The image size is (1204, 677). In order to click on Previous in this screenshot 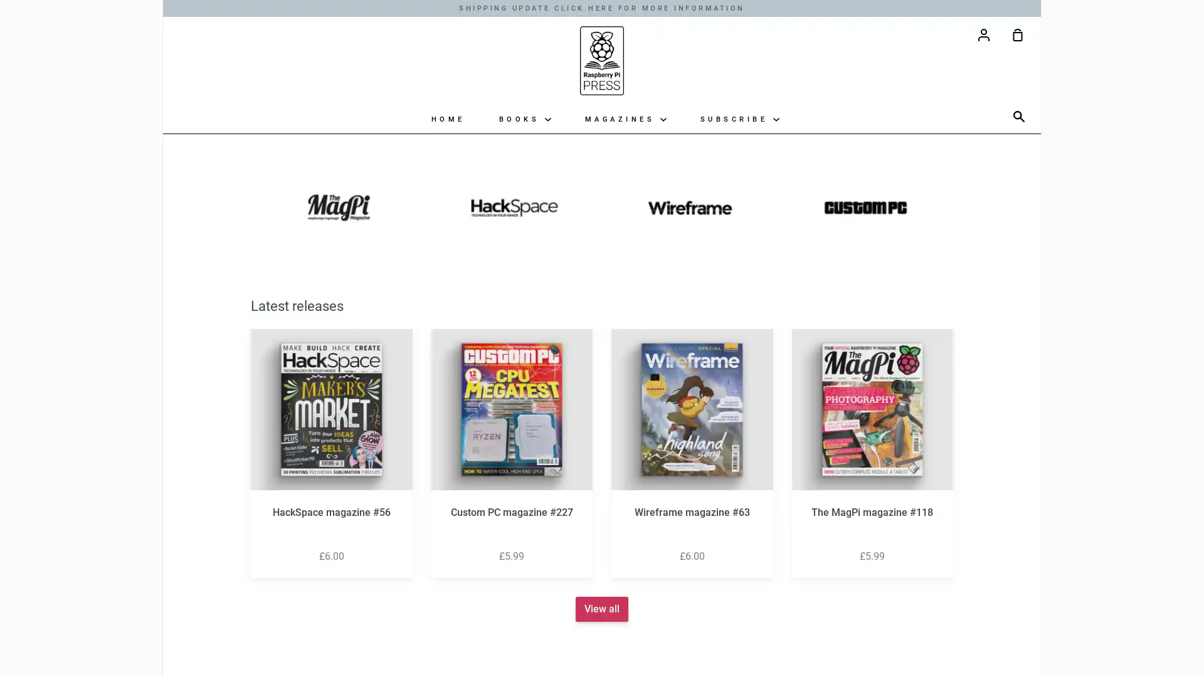, I will do `click(226, 448)`.